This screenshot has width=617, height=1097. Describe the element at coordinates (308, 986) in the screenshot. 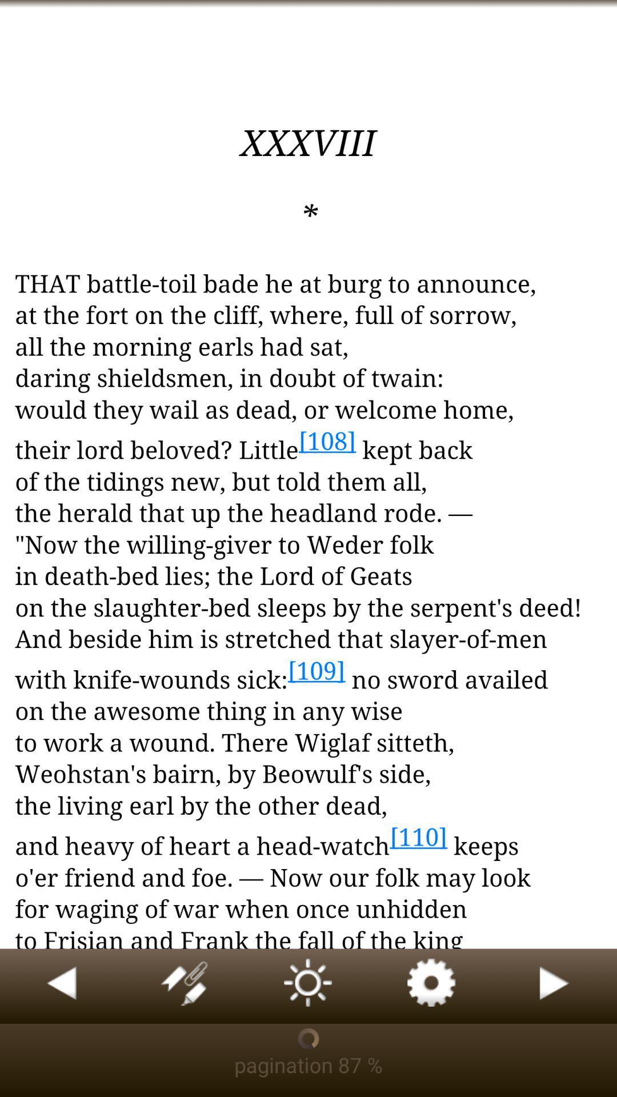

I see `brightness icon` at that location.